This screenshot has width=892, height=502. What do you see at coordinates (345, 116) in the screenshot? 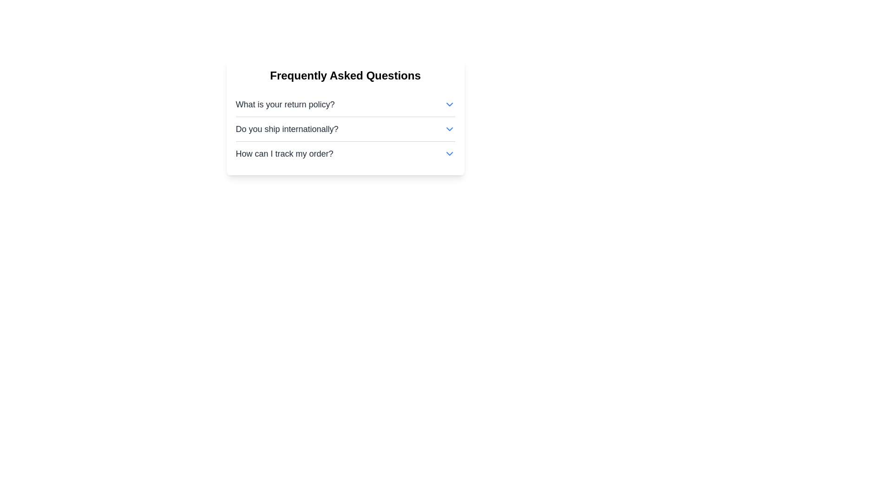
I see `an item in the 'Frequently Asked Questions' section` at bounding box center [345, 116].